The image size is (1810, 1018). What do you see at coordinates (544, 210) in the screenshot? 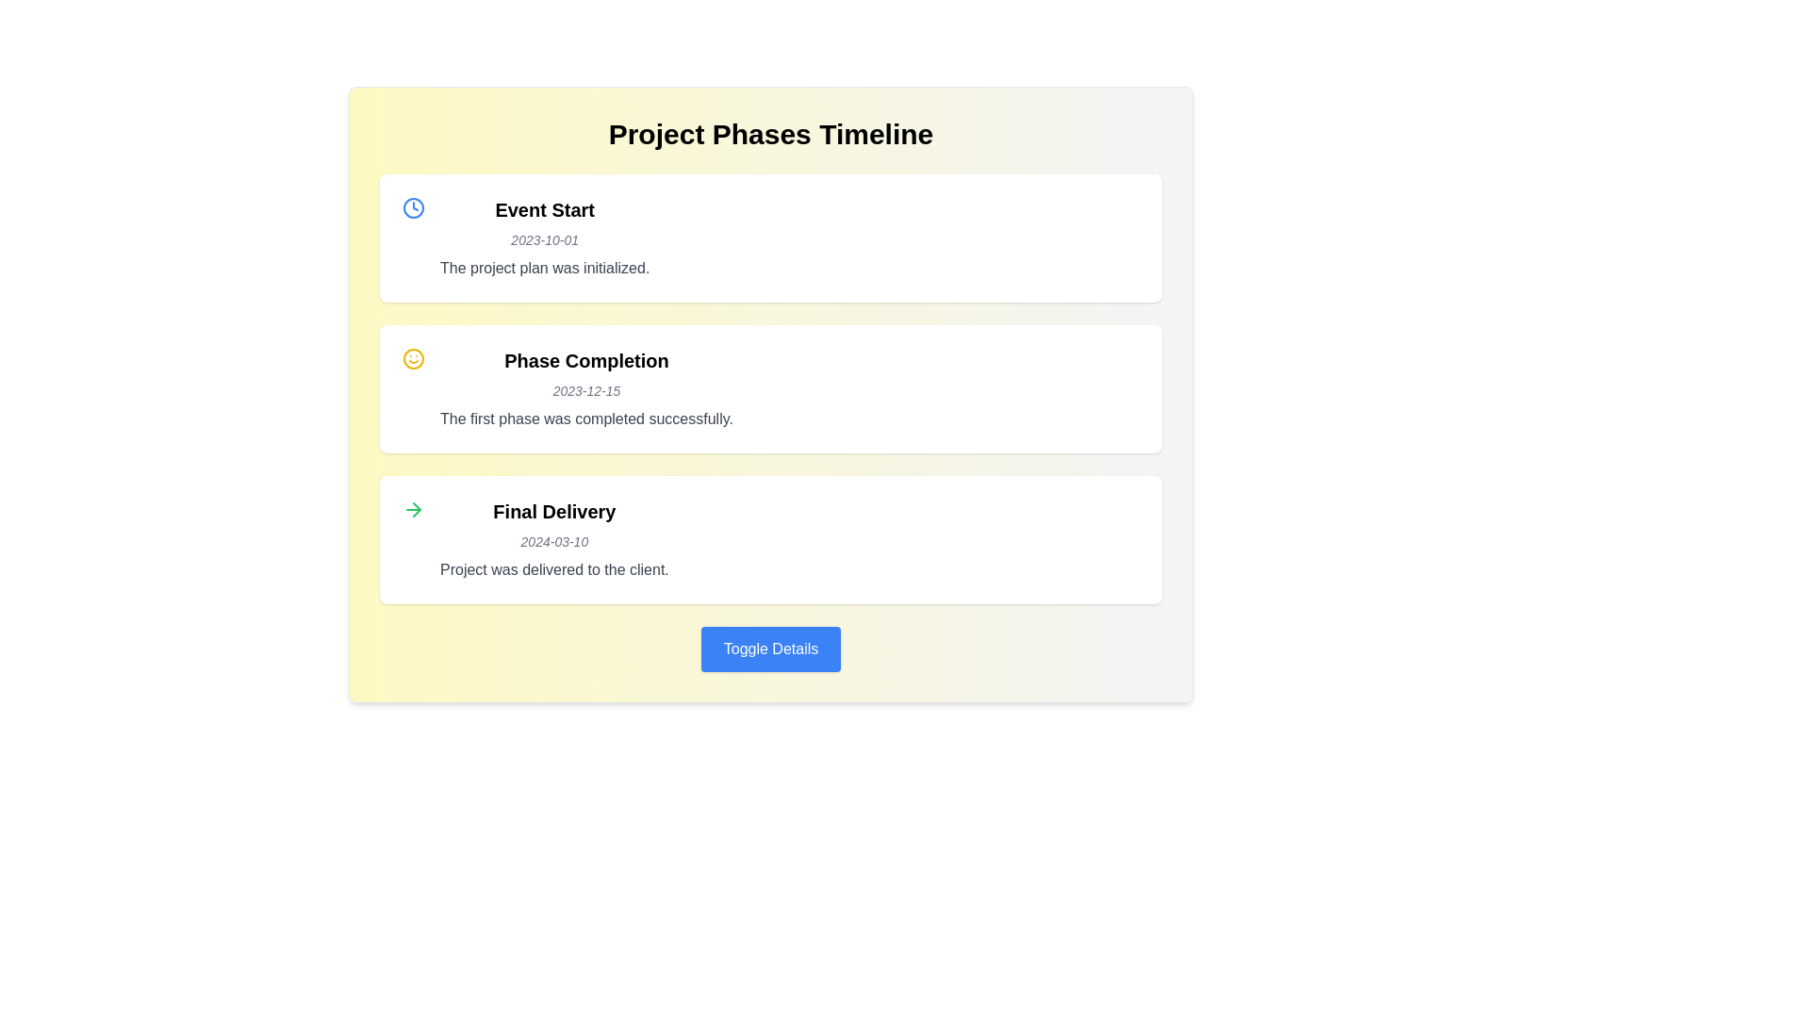
I see `text header displaying 'Event Start' in bold, black font located at the top of the first timeline card` at bounding box center [544, 210].